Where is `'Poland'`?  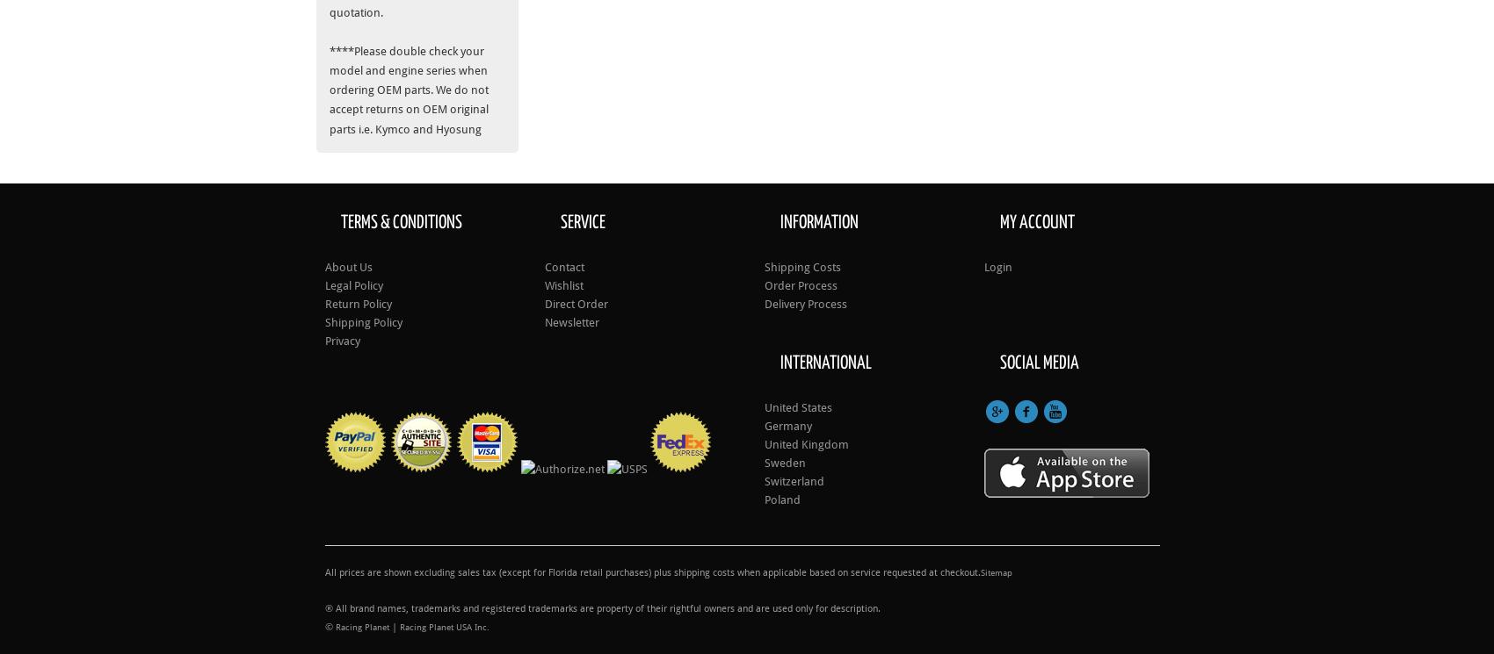 'Poland' is located at coordinates (765, 499).